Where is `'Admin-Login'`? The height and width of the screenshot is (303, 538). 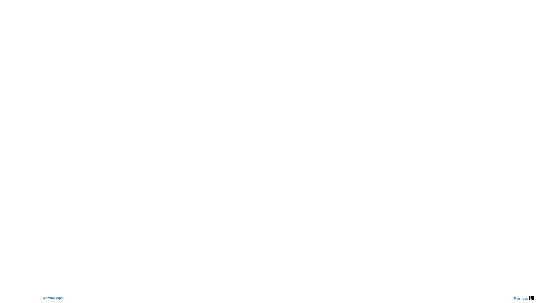
'Admin-Login' is located at coordinates (53, 298).